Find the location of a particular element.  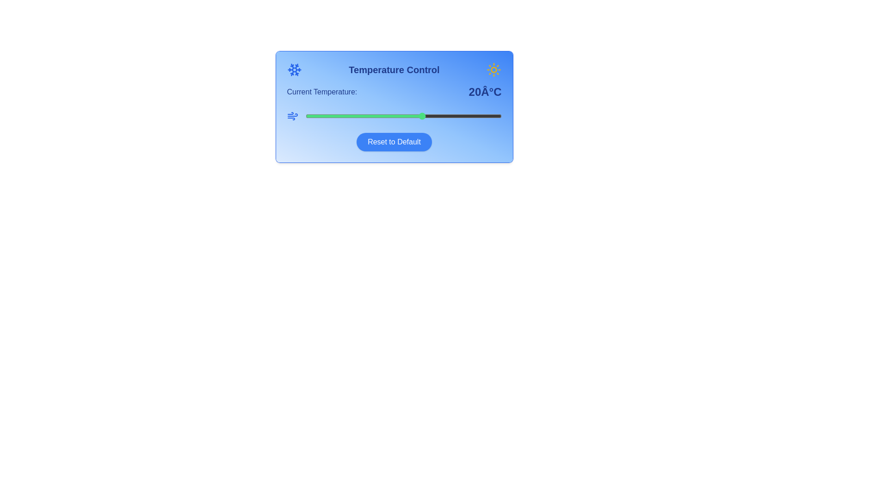

the temperature slider is located at coordinates (454, 115).